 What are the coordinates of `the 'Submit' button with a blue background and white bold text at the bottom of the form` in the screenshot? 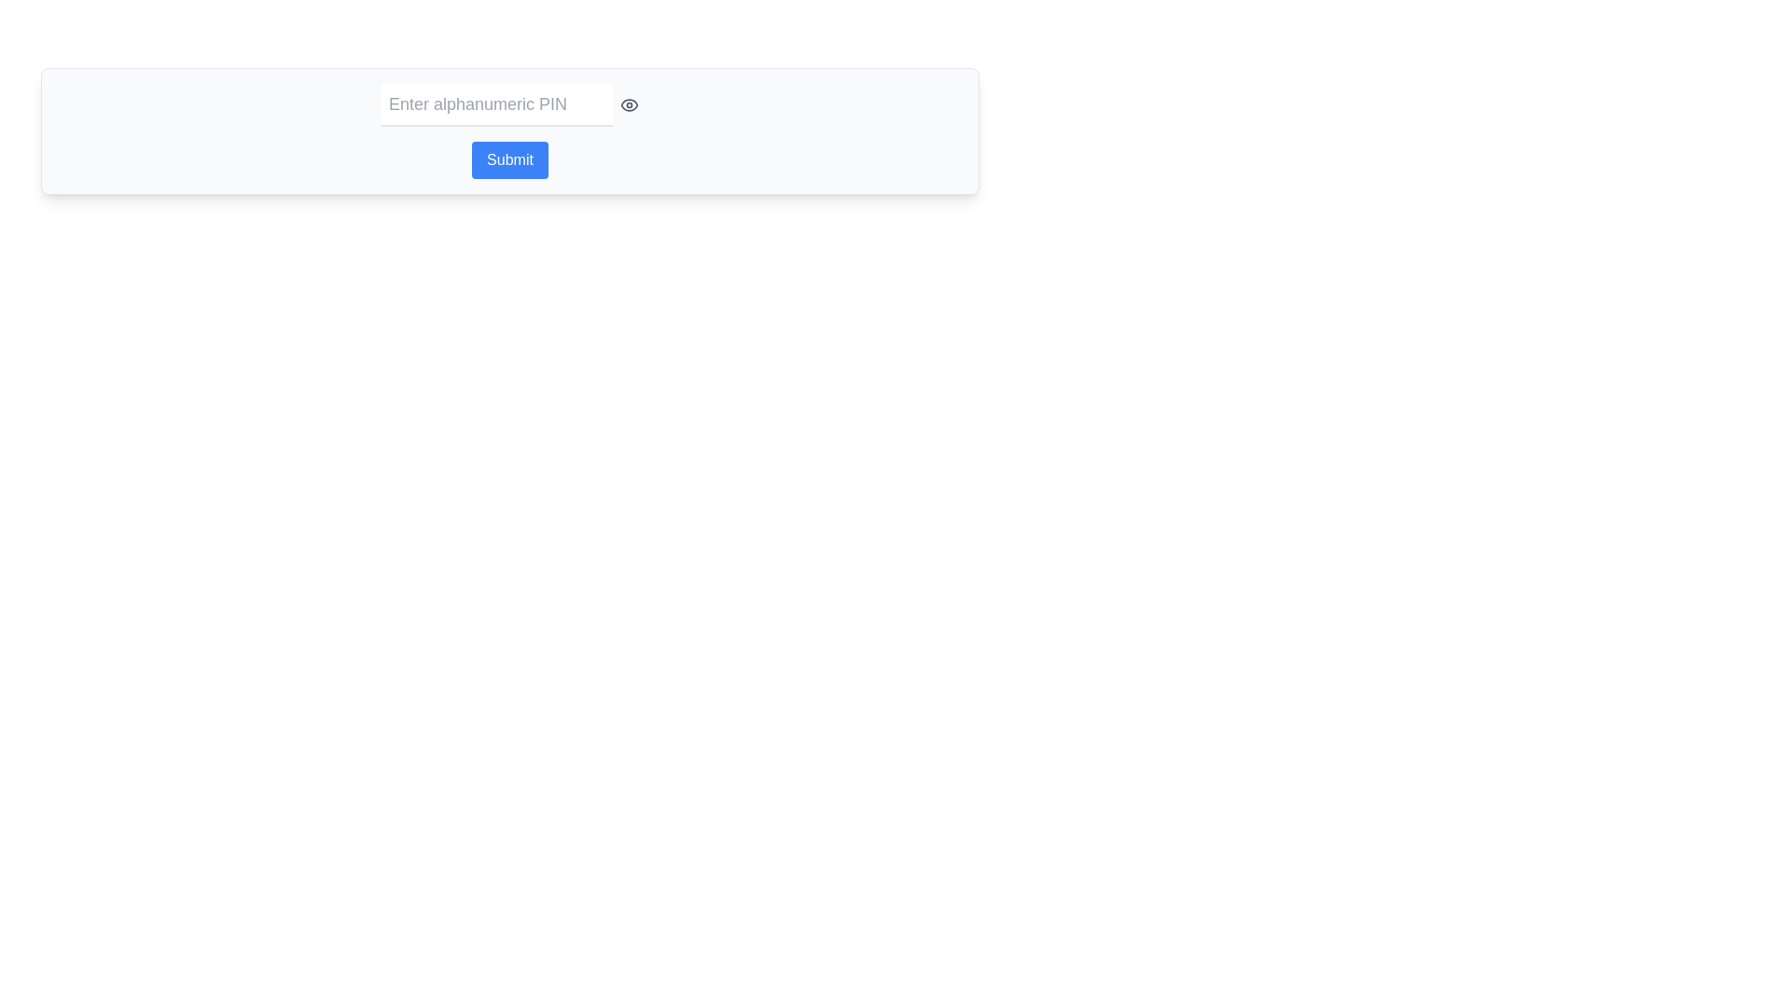 It's located at (510, 159).